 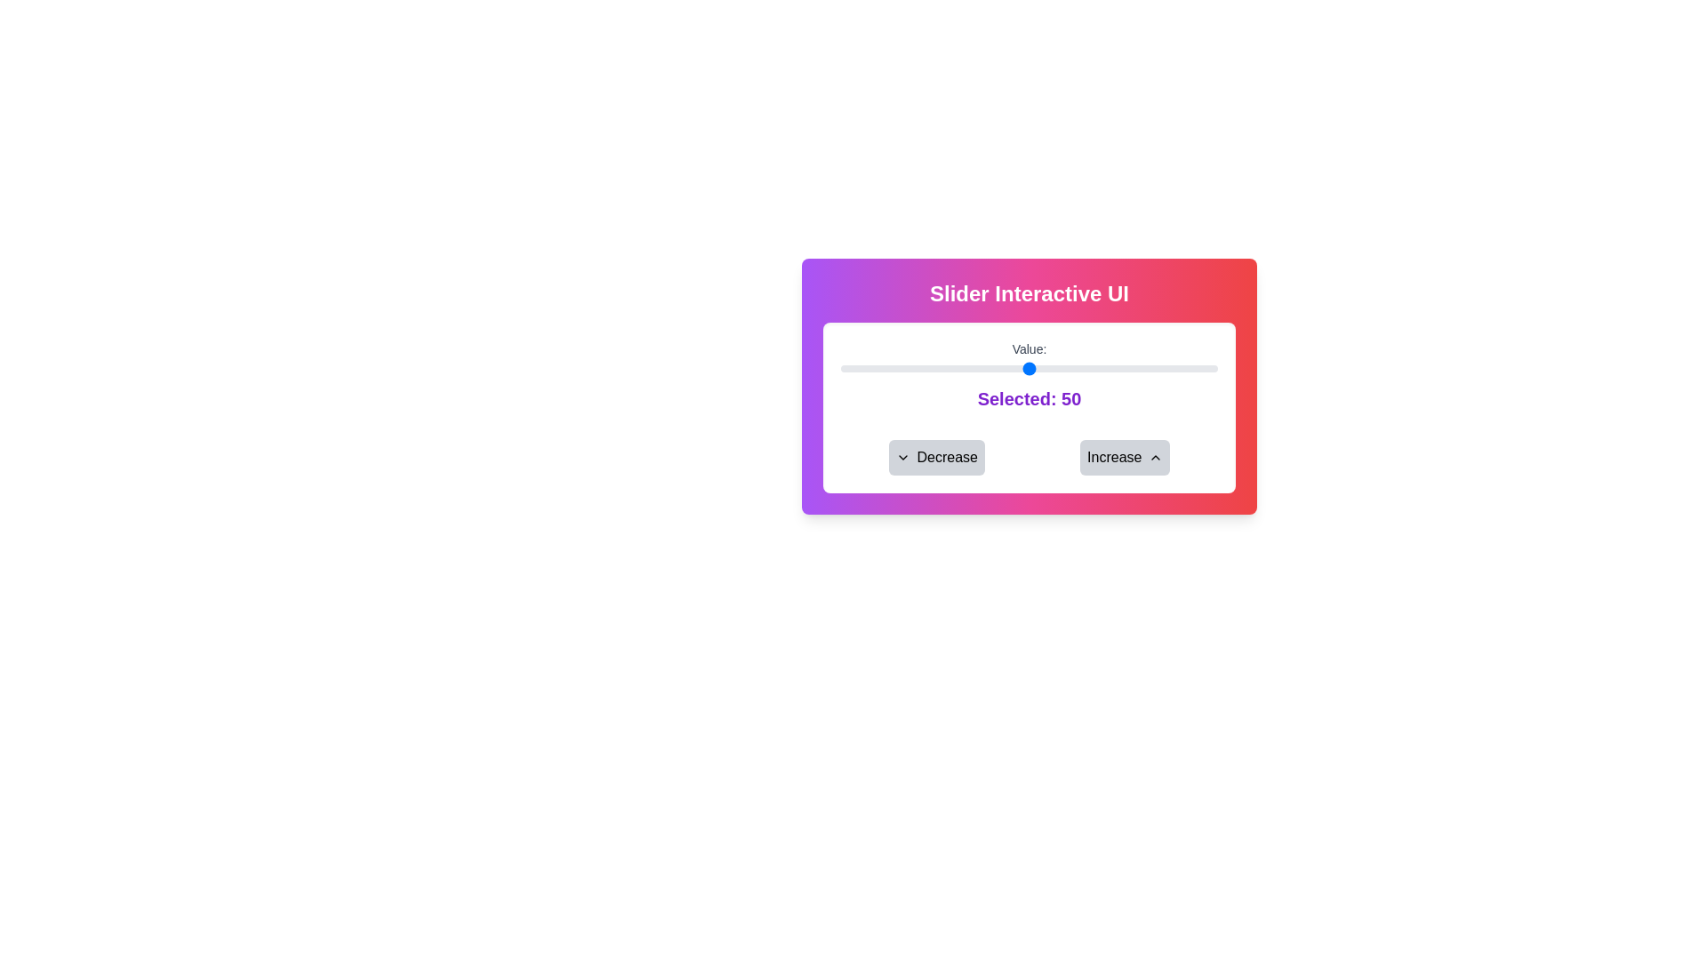 I want to click on the slider, so click(x=1188, y=368).